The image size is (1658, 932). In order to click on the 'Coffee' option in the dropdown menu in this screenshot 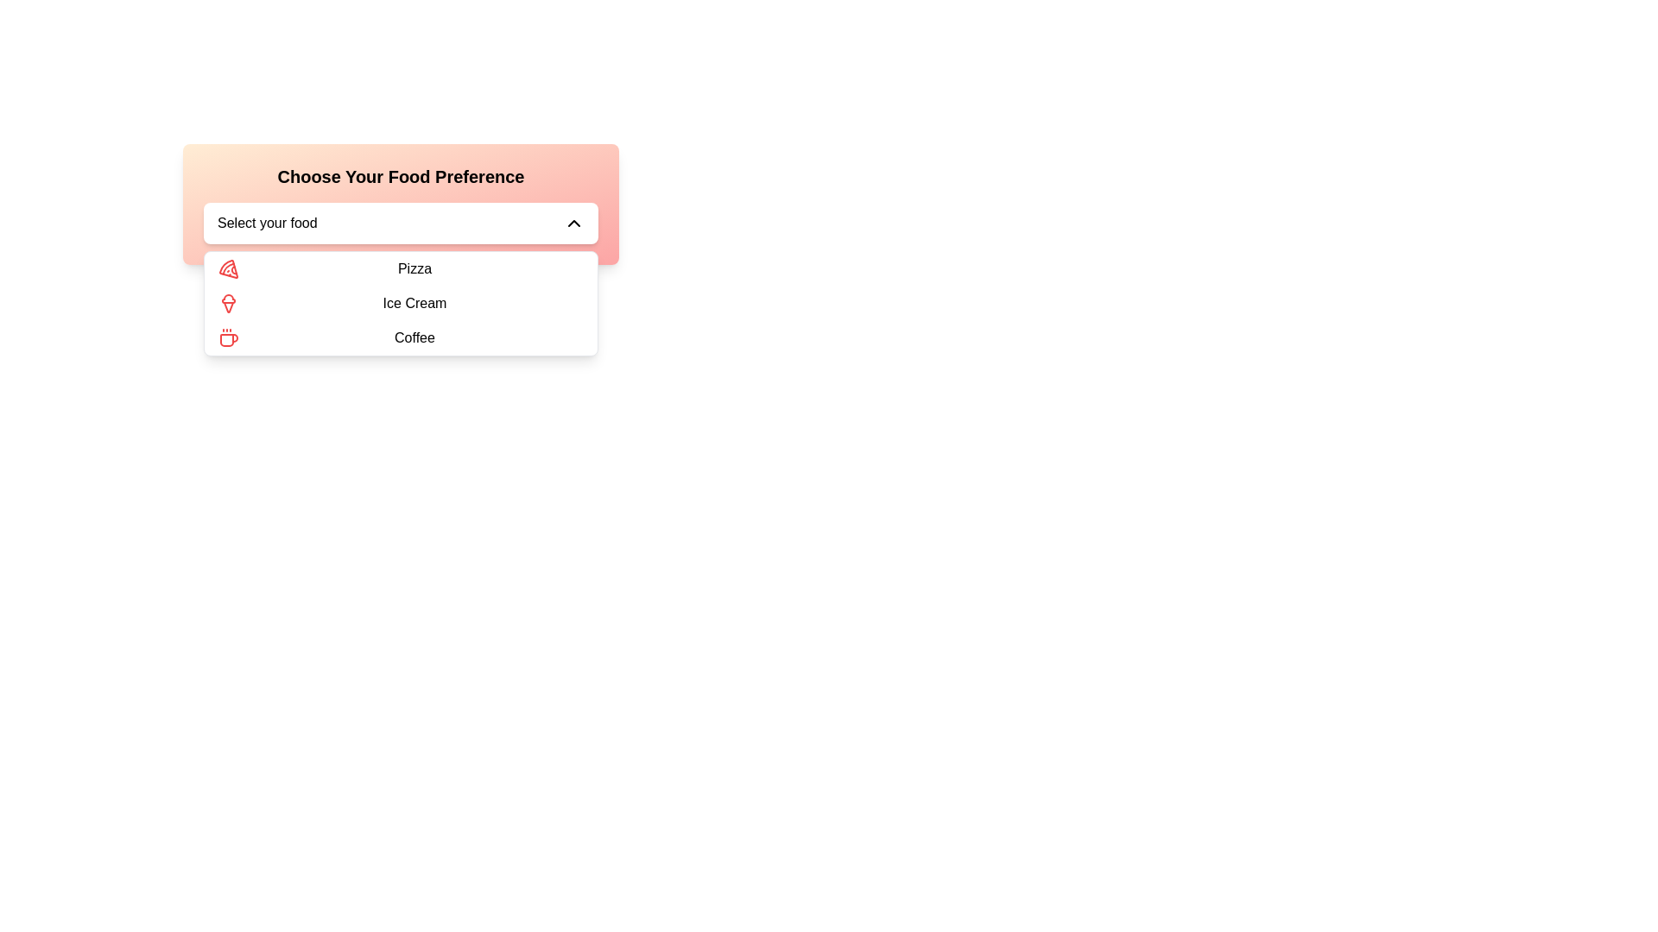, I will do `click(400, 338)`.